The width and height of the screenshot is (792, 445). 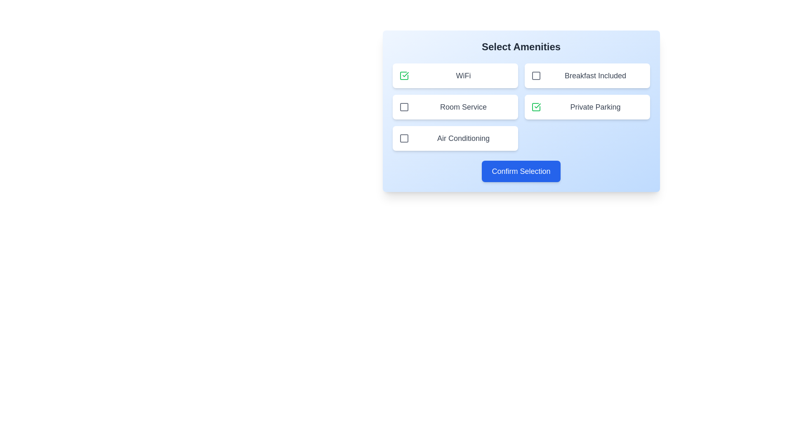 What do you see at coordinates (455, 76) in the screenshot?
I see `the 'WiFi' amenity option, which is the first selectable item` at bounding box center [455, 76].